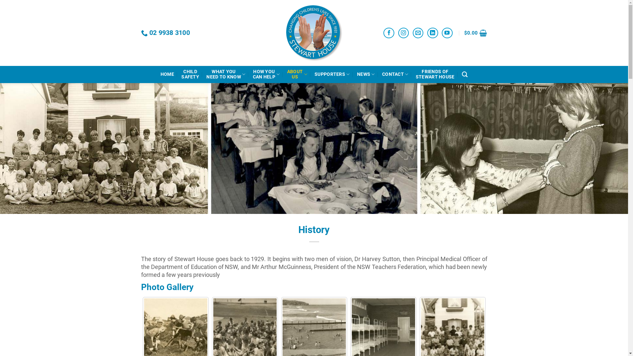 The image size is (633, 356). I want to click on 'ABOUT, so click(287, 74).